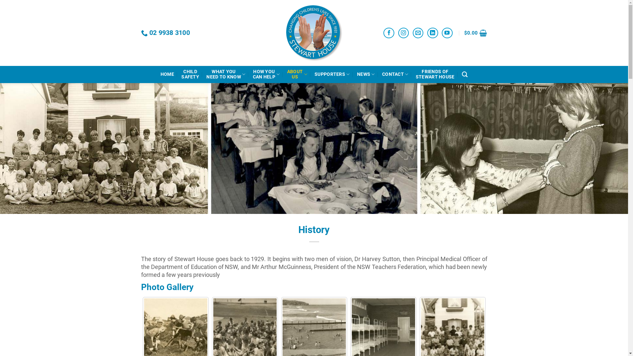 The image size is (633, 356). I want to click on 'ABOUT, so click(287, 74).